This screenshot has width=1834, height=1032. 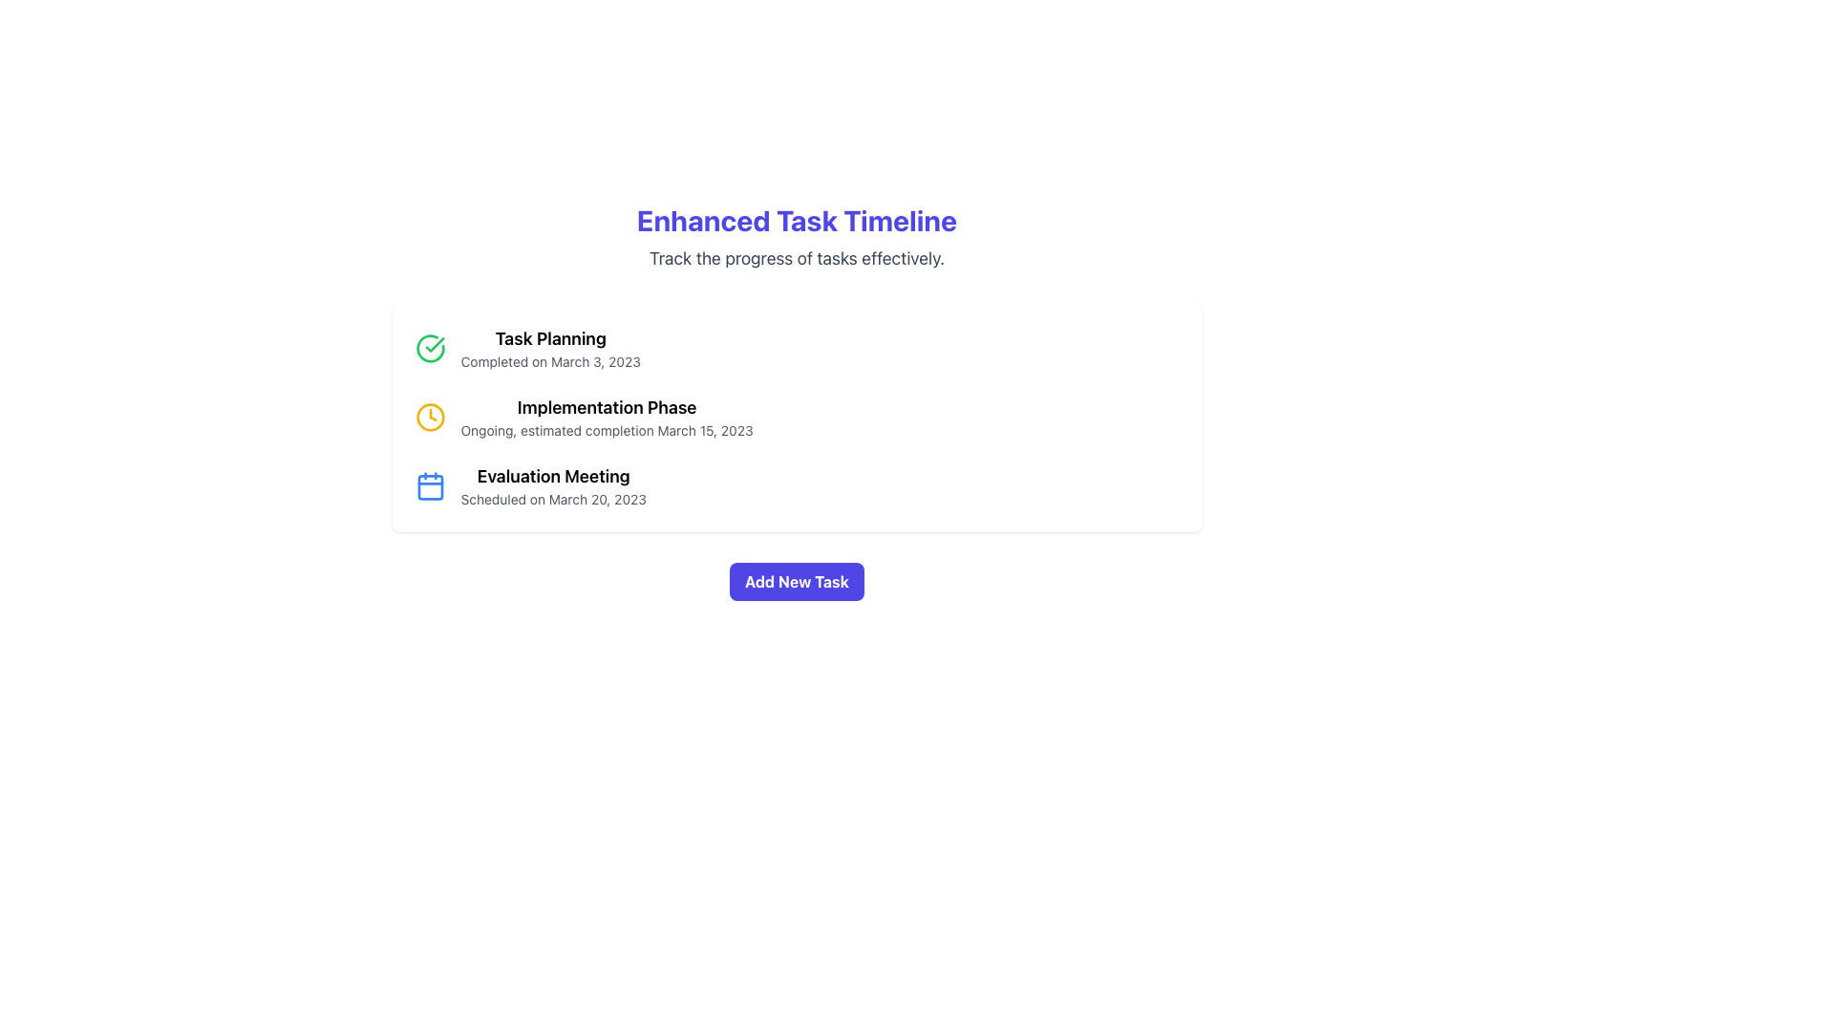 What do you see at coordinates (434, 345) in the screenshot?
I see `the green circular checkmark icon to associate it with its task item` at bounding box center [434, 345].